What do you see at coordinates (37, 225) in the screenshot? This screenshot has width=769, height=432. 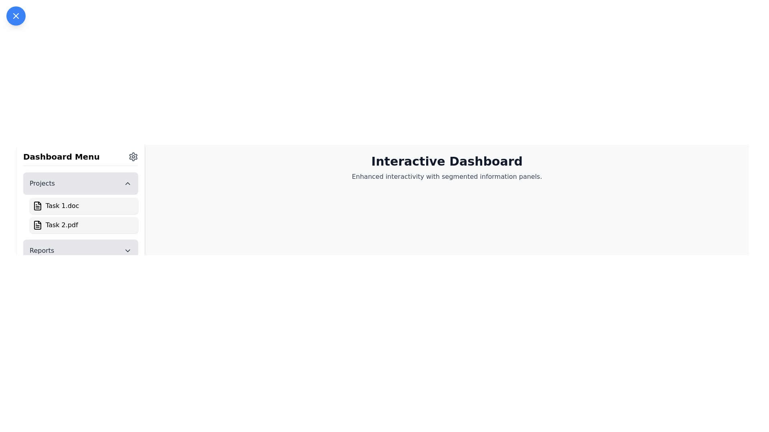 I see `the file document icon located next to the label 'Task 2.pdf' in the 'Projects' category of the dashboard menu for selection` at bounding box center [37, 225].